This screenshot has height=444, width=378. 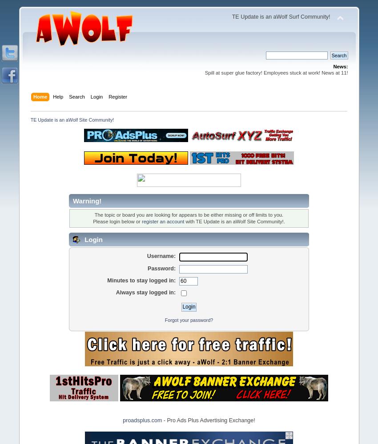 What do you see at coordinates (161, 268) in the screenshot?
I see `'Password:'` at bounding box center [161, 268].